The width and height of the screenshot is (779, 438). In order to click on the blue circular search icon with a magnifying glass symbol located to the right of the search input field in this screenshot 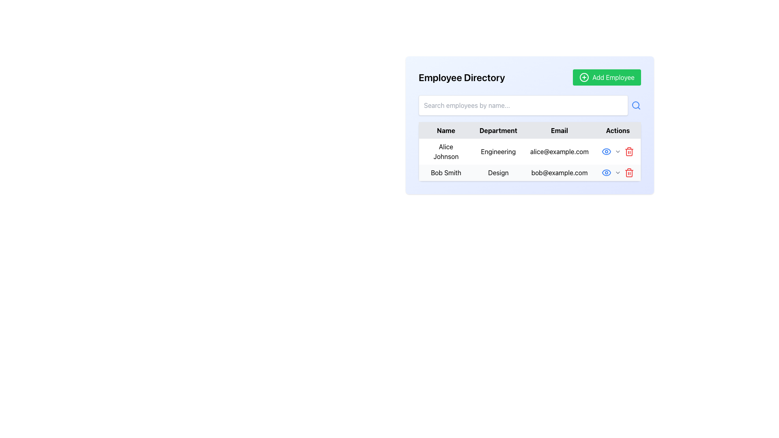, I will do `click(636, 105)`.